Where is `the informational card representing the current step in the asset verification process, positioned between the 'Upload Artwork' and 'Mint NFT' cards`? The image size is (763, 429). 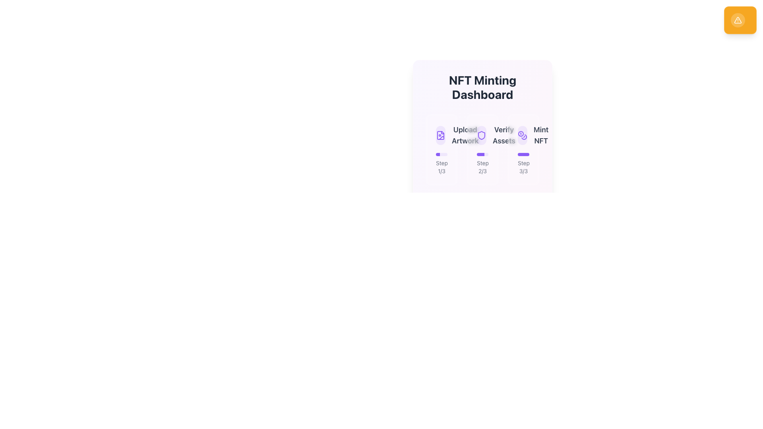
the informational card representing the current step in the asset verification process, positioned between the 'Upload Artwork' and 'Mint NFT' cards is located at coordinates (482, 150).